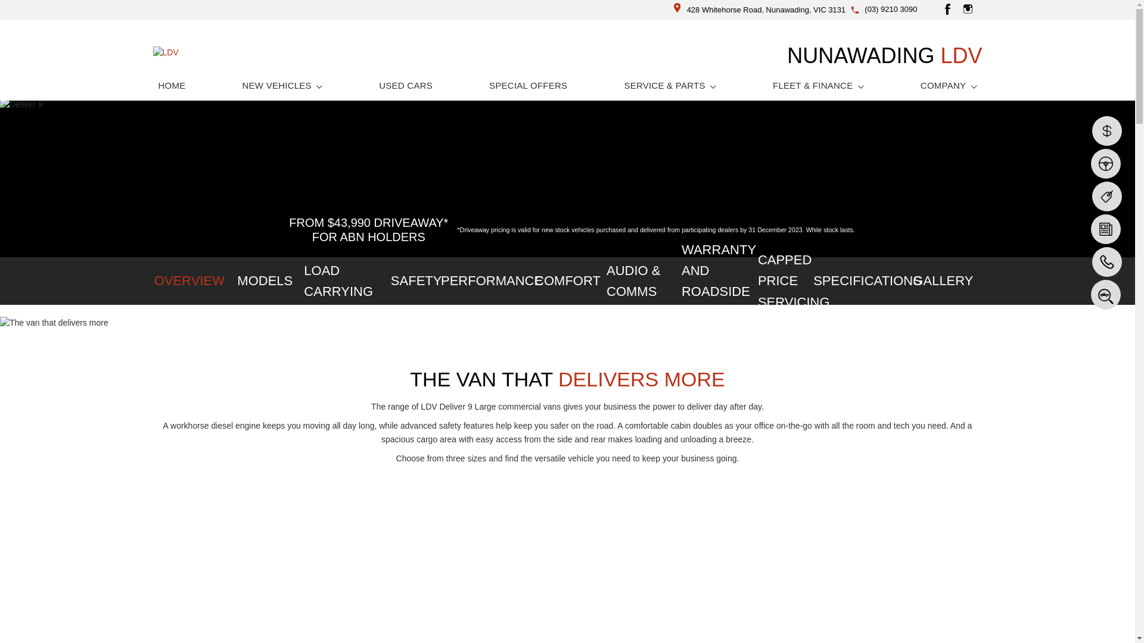 The height and width of the screenshot is (643, 1144). What do you see at coordinates (868, 280) in the screenshot?
I see `'SPECIFICATIONS'` at bounding box center [868, 280].